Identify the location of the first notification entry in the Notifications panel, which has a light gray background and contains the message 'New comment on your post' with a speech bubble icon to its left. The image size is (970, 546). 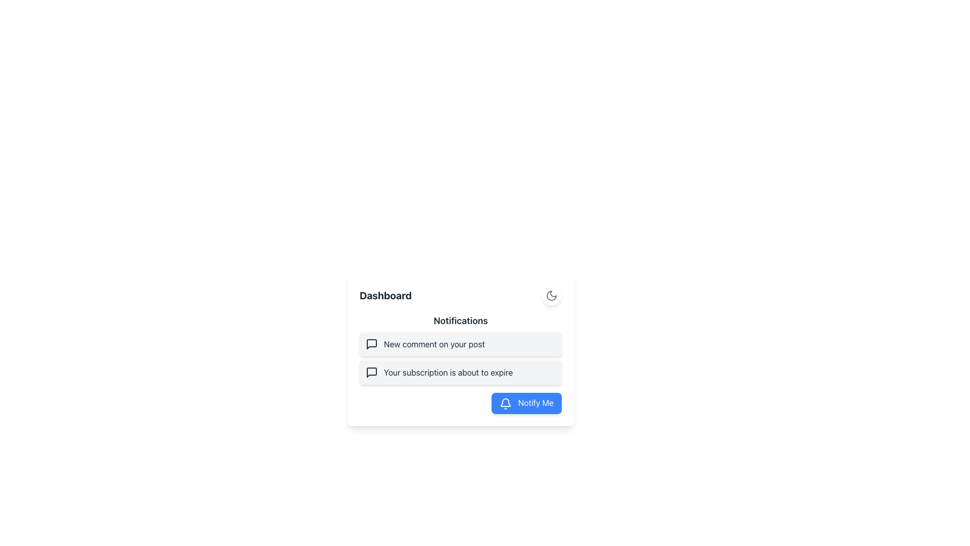
(460, 344).